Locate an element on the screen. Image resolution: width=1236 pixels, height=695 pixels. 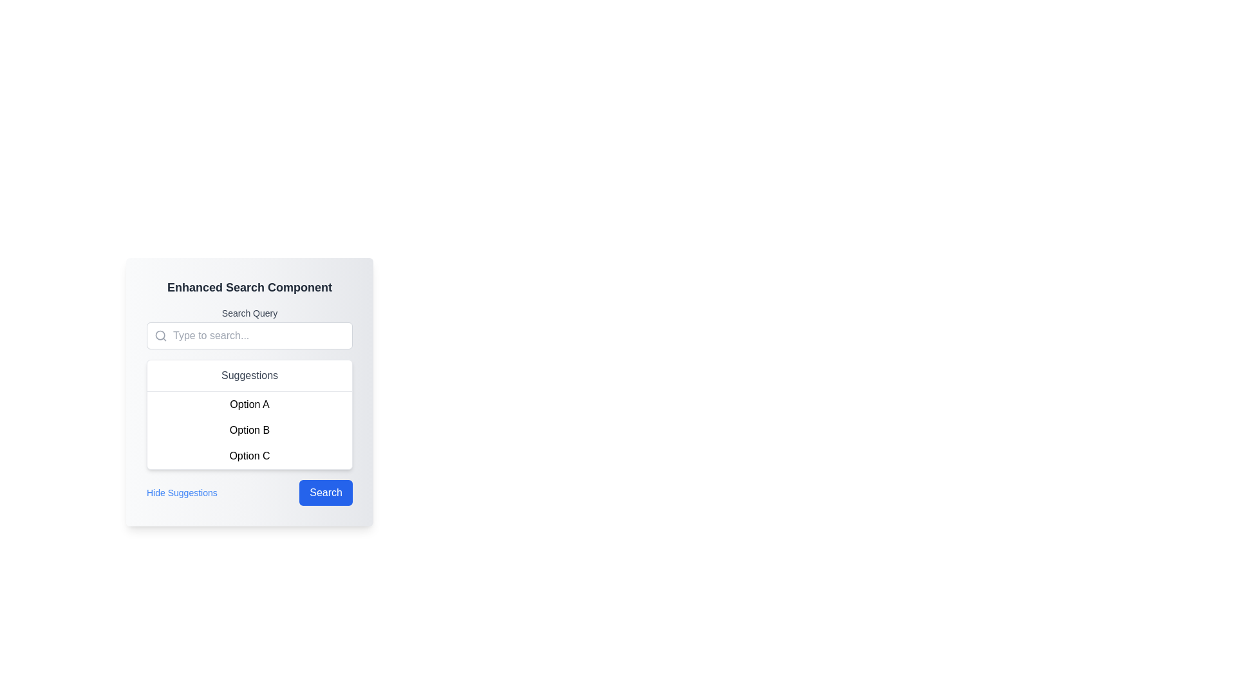
the SVG circle element of the magnifying glass icon located at the top-left corner of the 'Type to search' input field to utilize its search functionality is located at coordinates (160, 335).